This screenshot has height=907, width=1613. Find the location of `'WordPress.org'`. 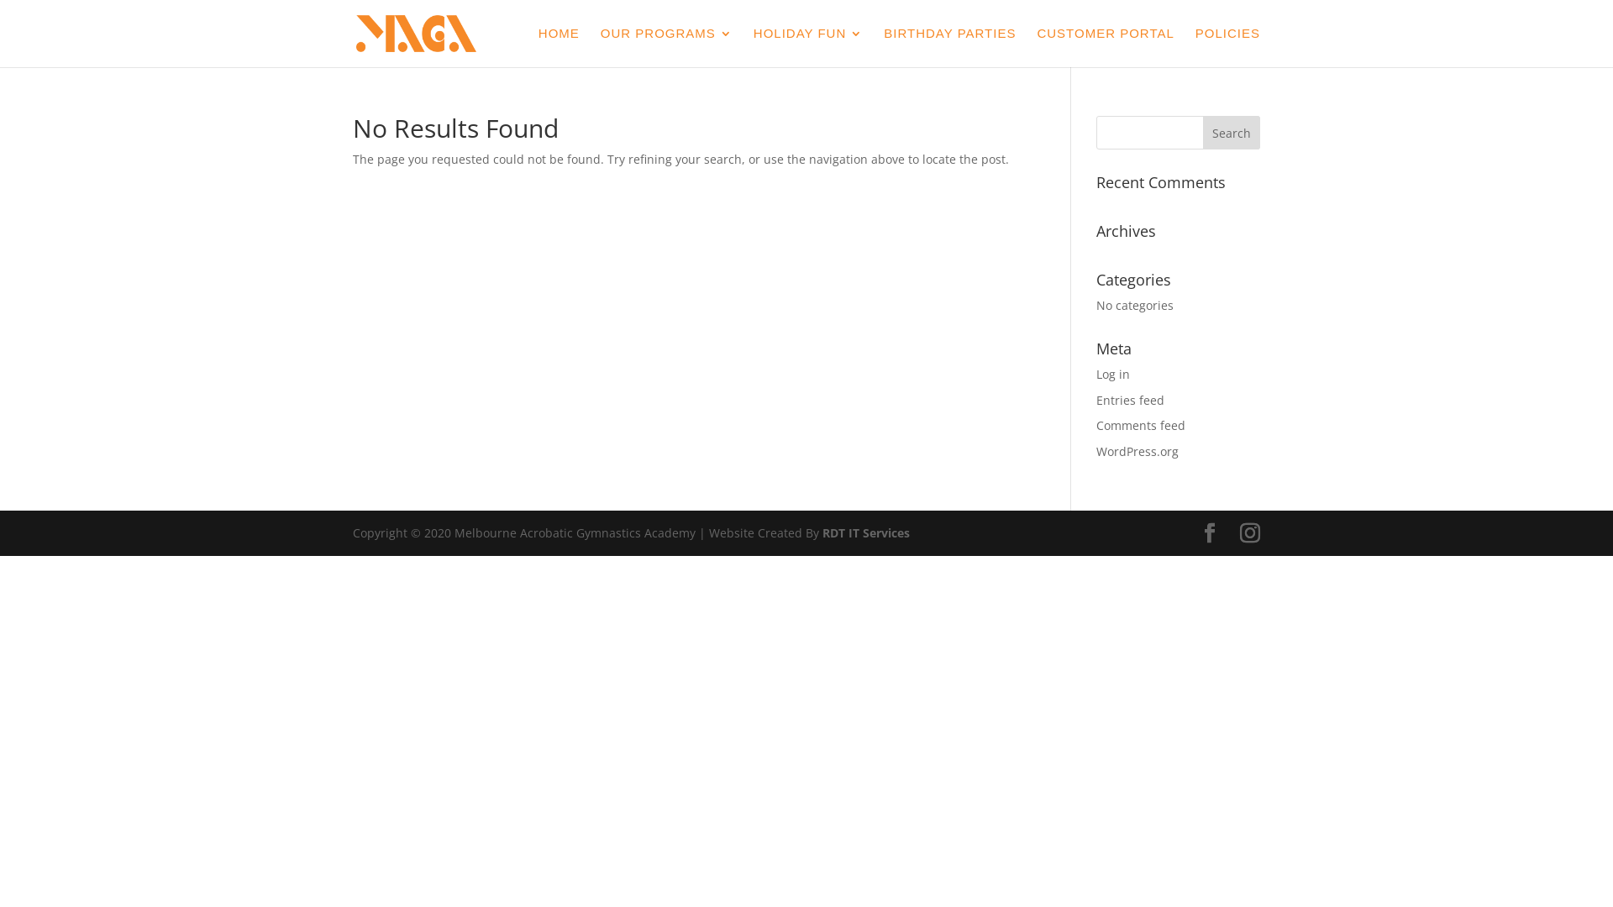

'WordPress.org' is located at coordinates (1096, 450).